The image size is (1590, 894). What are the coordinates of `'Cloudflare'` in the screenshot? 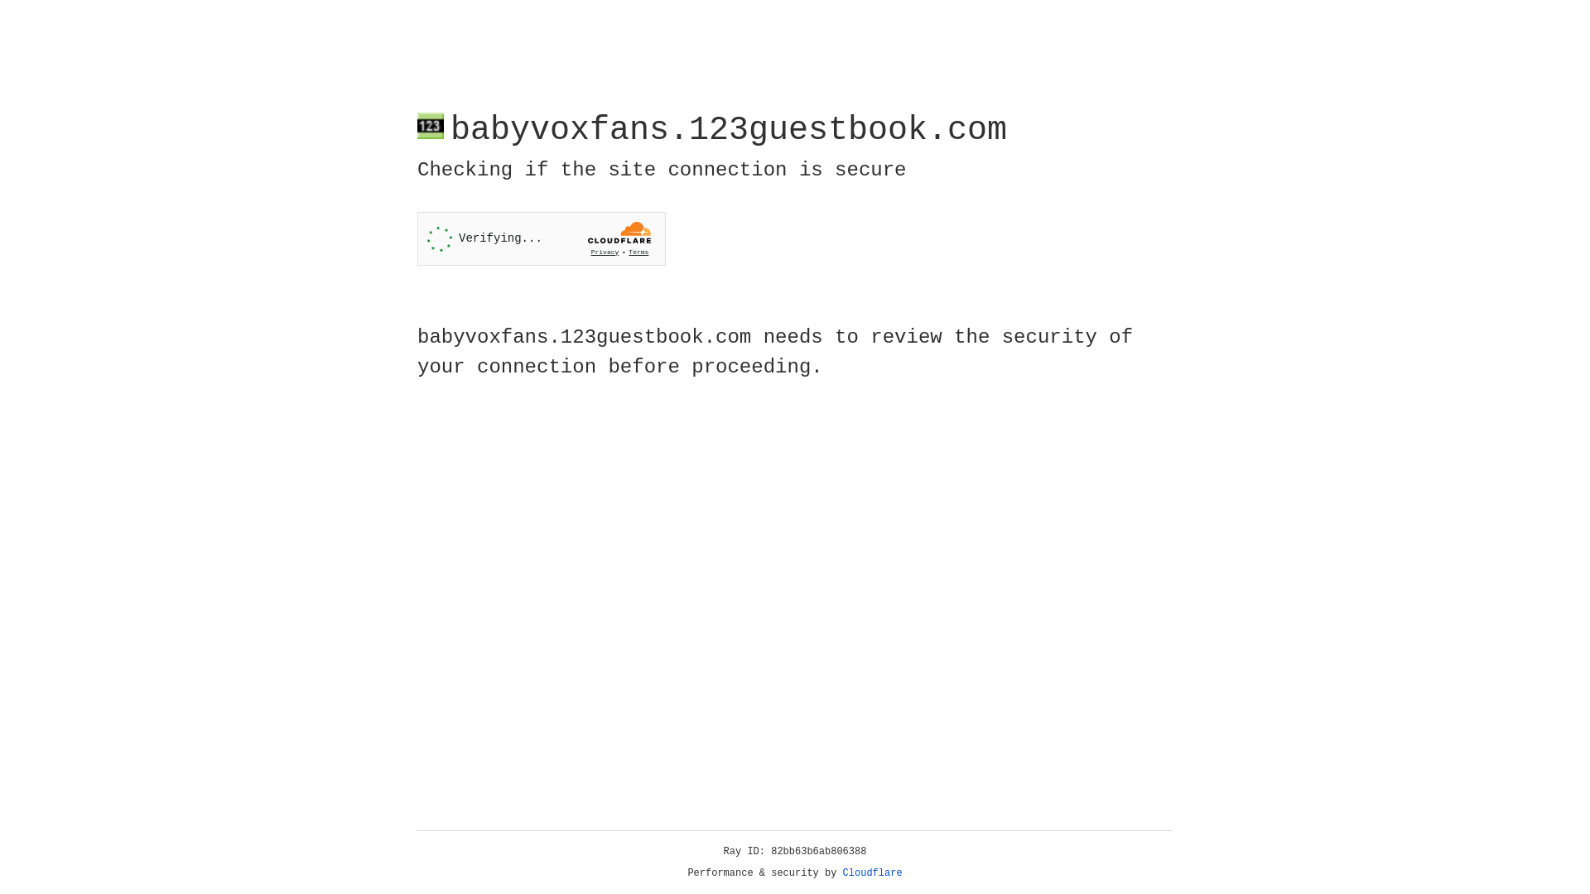 It's located at (842, 872).